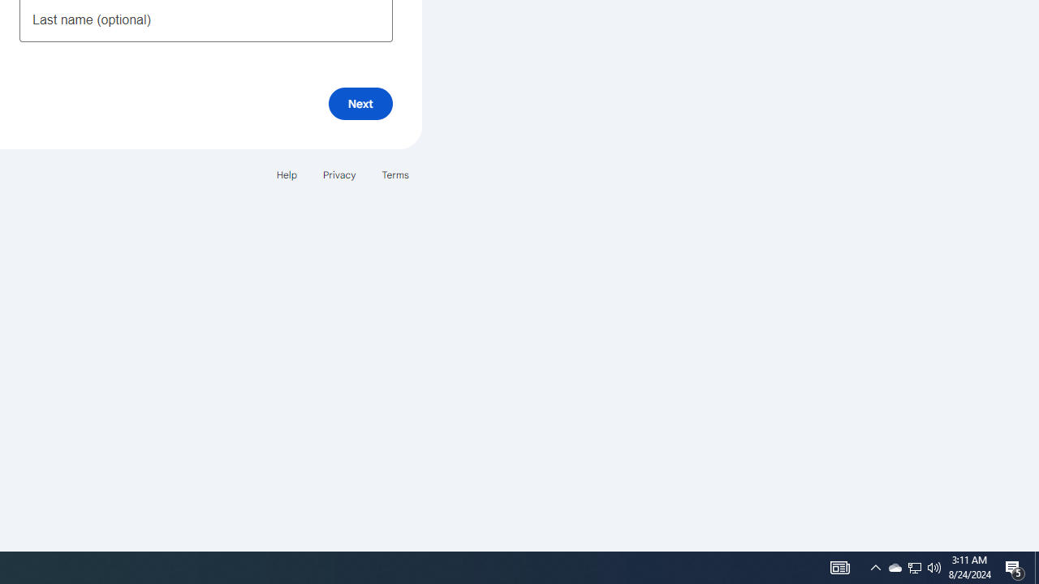 Image resolution: width=1039 pixels, height=584 pixels. Describe the element at coordinates (338, 174) in the screenshot. I see `'Privacy'` at that location.